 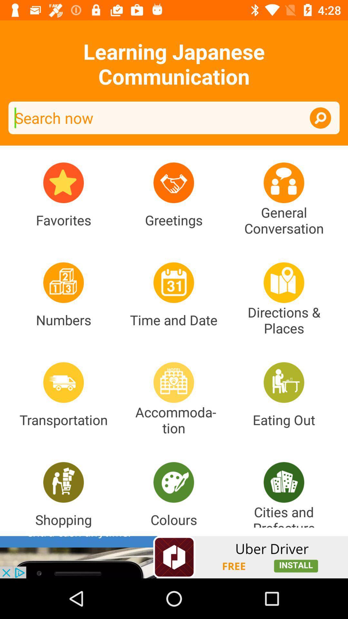 What do you see at coordinates (174, 118) in the screenshot?
I see `search` at bounding box center [174, 118].